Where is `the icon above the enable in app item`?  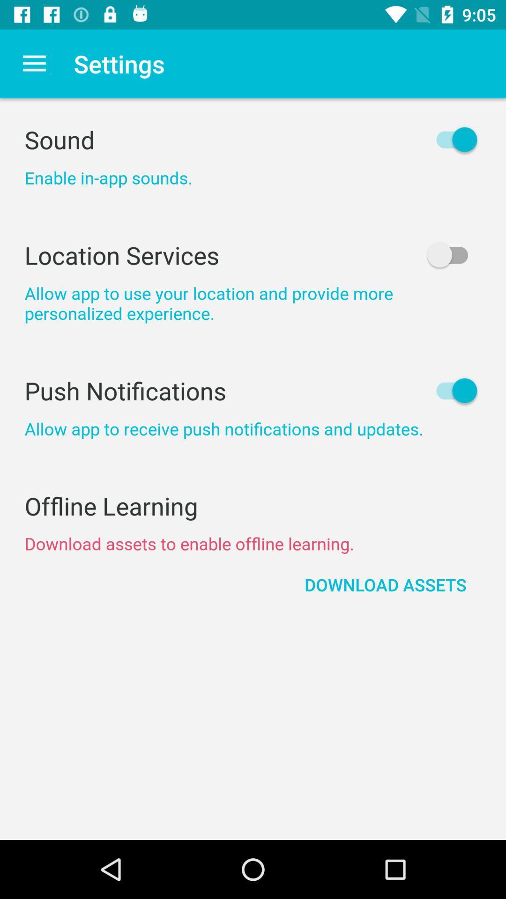 the icon above the enable in app item is located at coordinates (253, 139).